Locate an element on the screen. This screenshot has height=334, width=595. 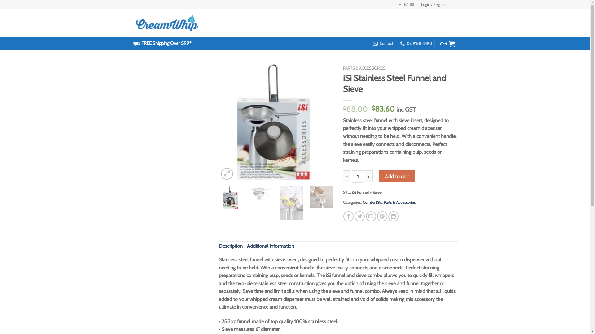
'Add to cart' is located at coordinates (397, 176).